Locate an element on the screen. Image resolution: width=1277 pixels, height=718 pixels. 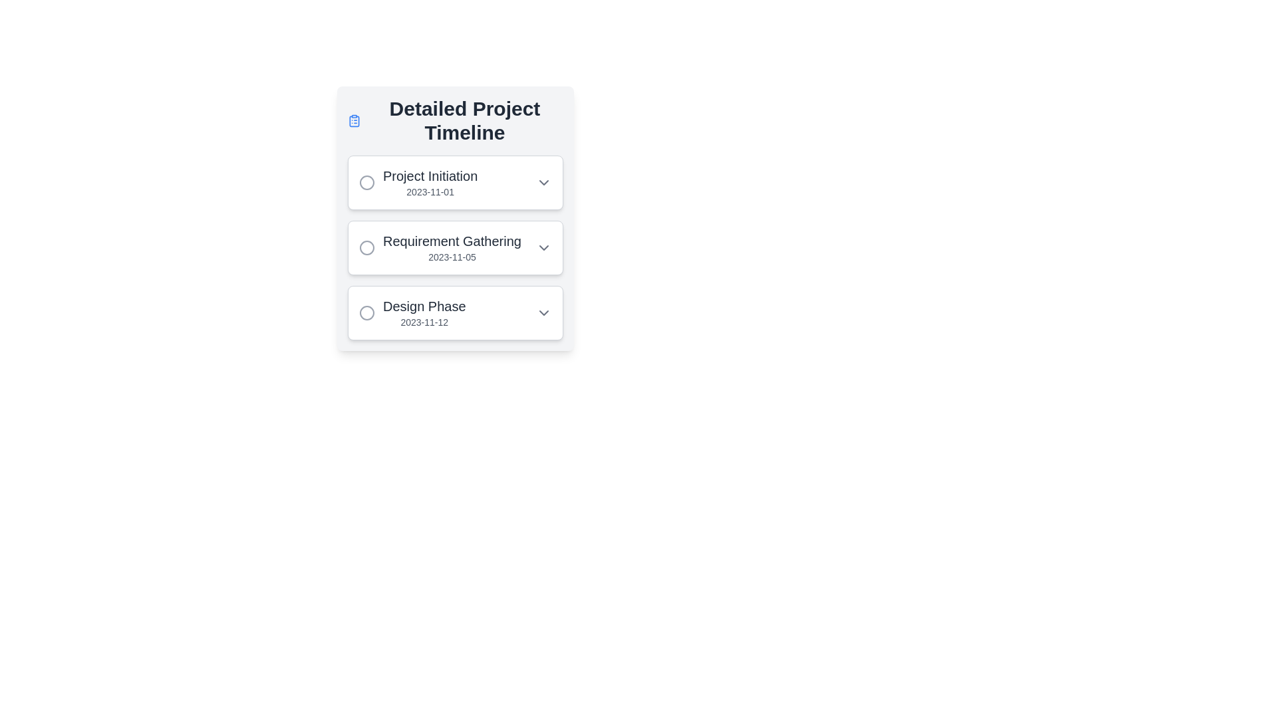
the Icon (Circle) that serves as a graphic indicator for the 'Requirement Gathering' item, located within the second list entry under 'Detailed Project Timeline' is located at coordinates (367, 248).